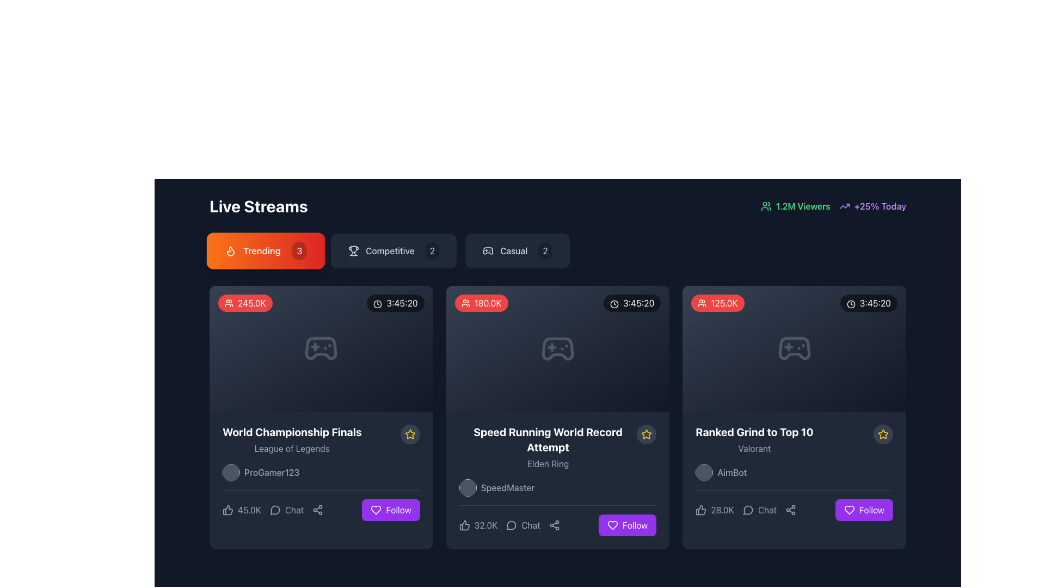  Describe the element at coordinates (287, 510) in the screenshot. I see `the button located in the lower part of the first card in the 'Live Streams' section, positioned between a thumbs-up icon and a share icon for keyboard interaction` at that location.